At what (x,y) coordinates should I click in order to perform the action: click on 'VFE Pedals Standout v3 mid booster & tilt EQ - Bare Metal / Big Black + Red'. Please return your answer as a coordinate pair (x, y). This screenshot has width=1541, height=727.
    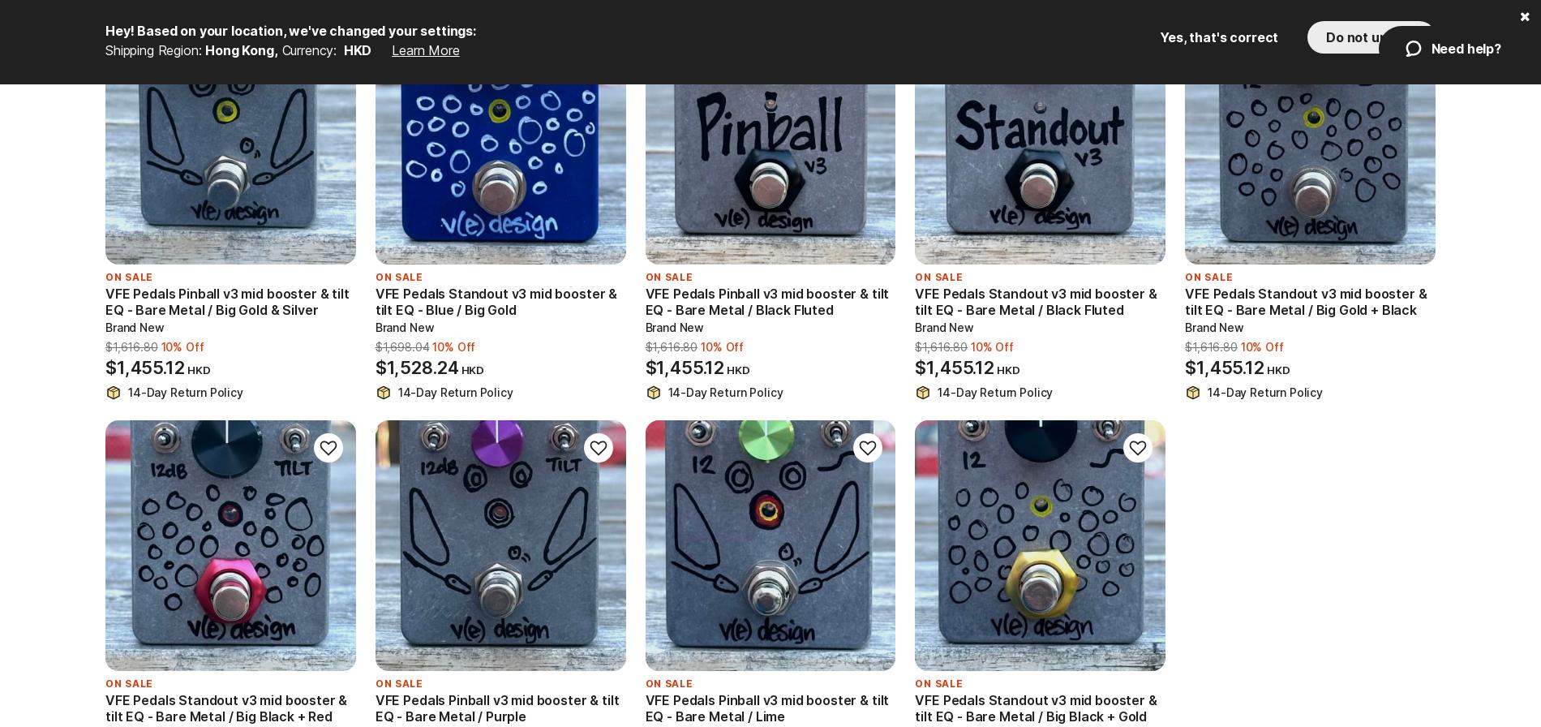
    Looking at the image, I should click on (225, 708).